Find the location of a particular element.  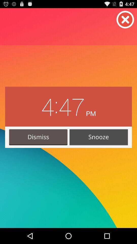

button is located at coordinates (125, 20).